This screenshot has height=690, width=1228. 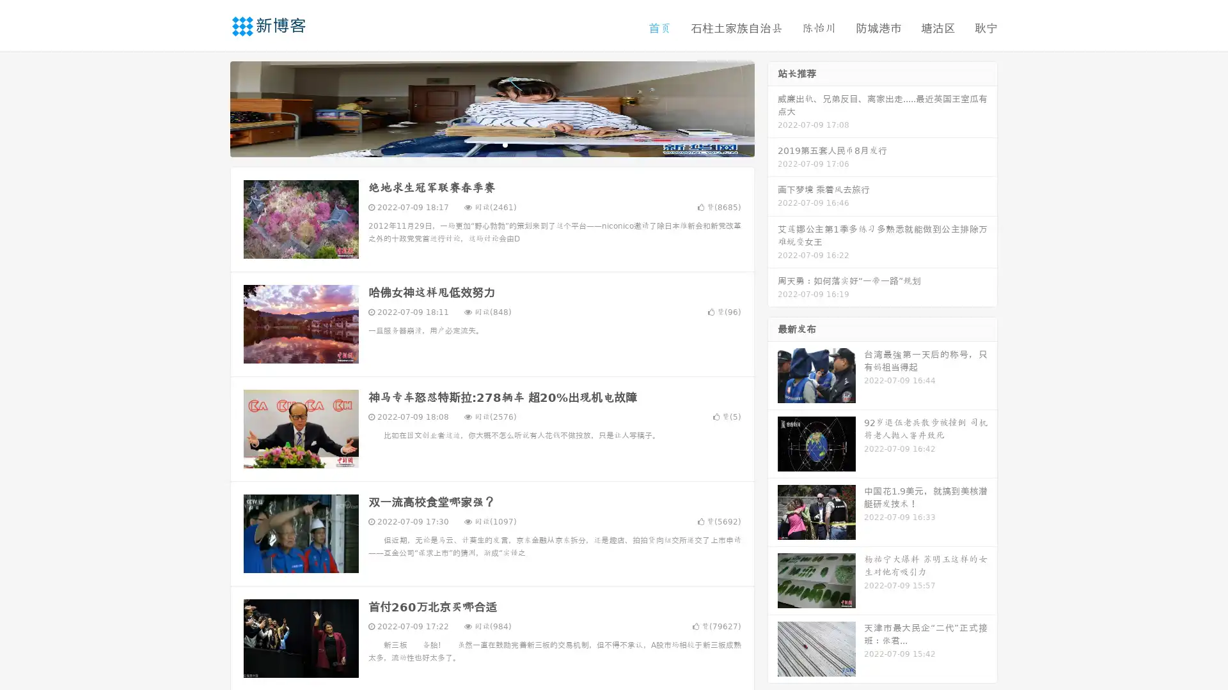 What do you see at coordinates (773, 107) in the screenshot?
I see `Next slide` at bounding box center [773, 107].